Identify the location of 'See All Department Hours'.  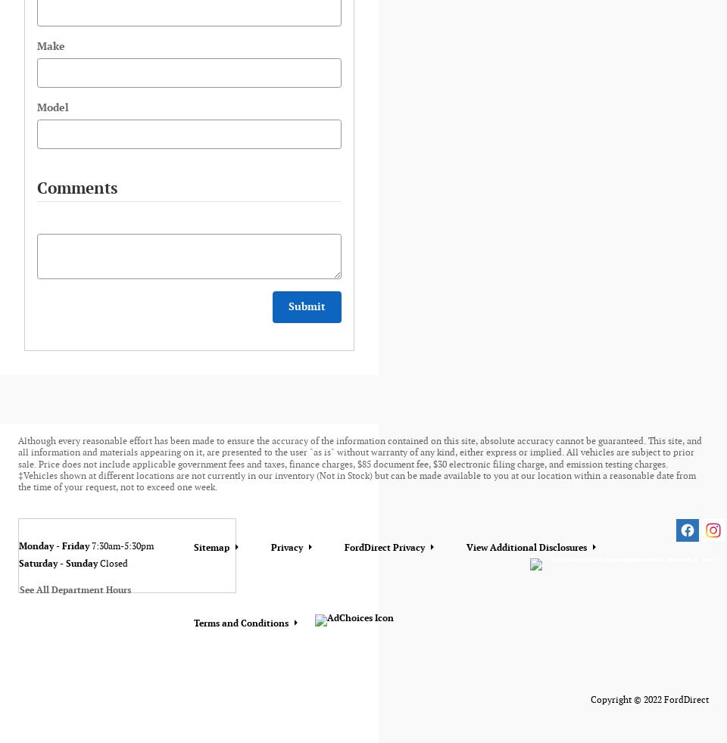
(75, 590).